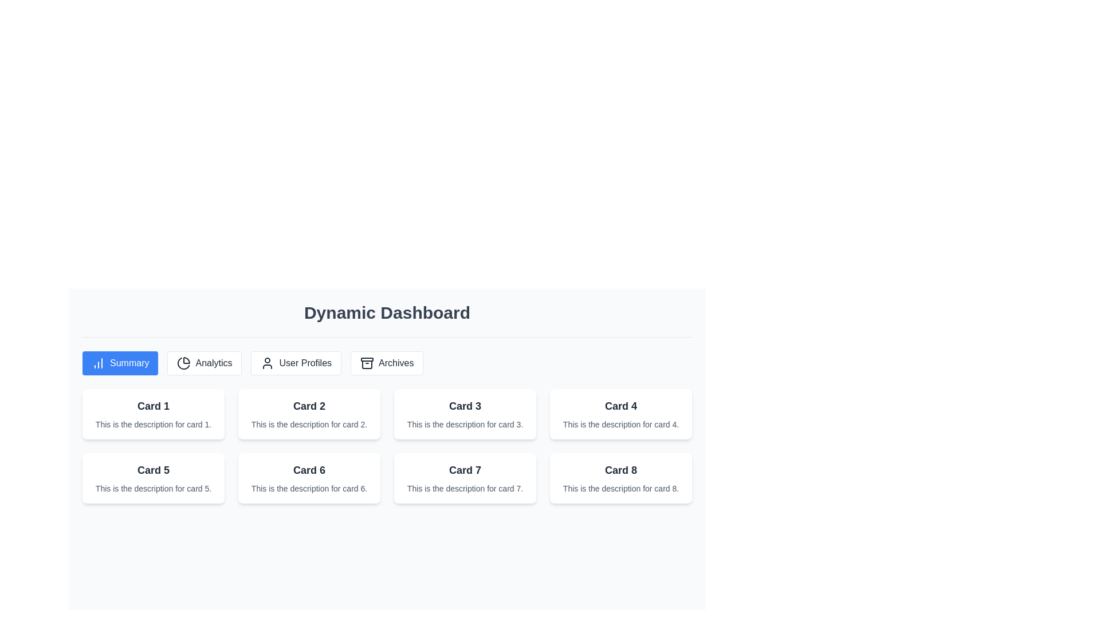  Describe the element at coordinates (120, 363) in the screenshot. I see `the first navigation button located at the top-center of the interface, which switches the view to the summary section` at that location.